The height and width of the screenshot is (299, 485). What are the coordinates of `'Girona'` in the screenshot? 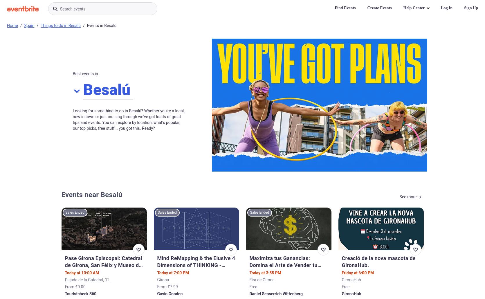 It's located at (163, 279).